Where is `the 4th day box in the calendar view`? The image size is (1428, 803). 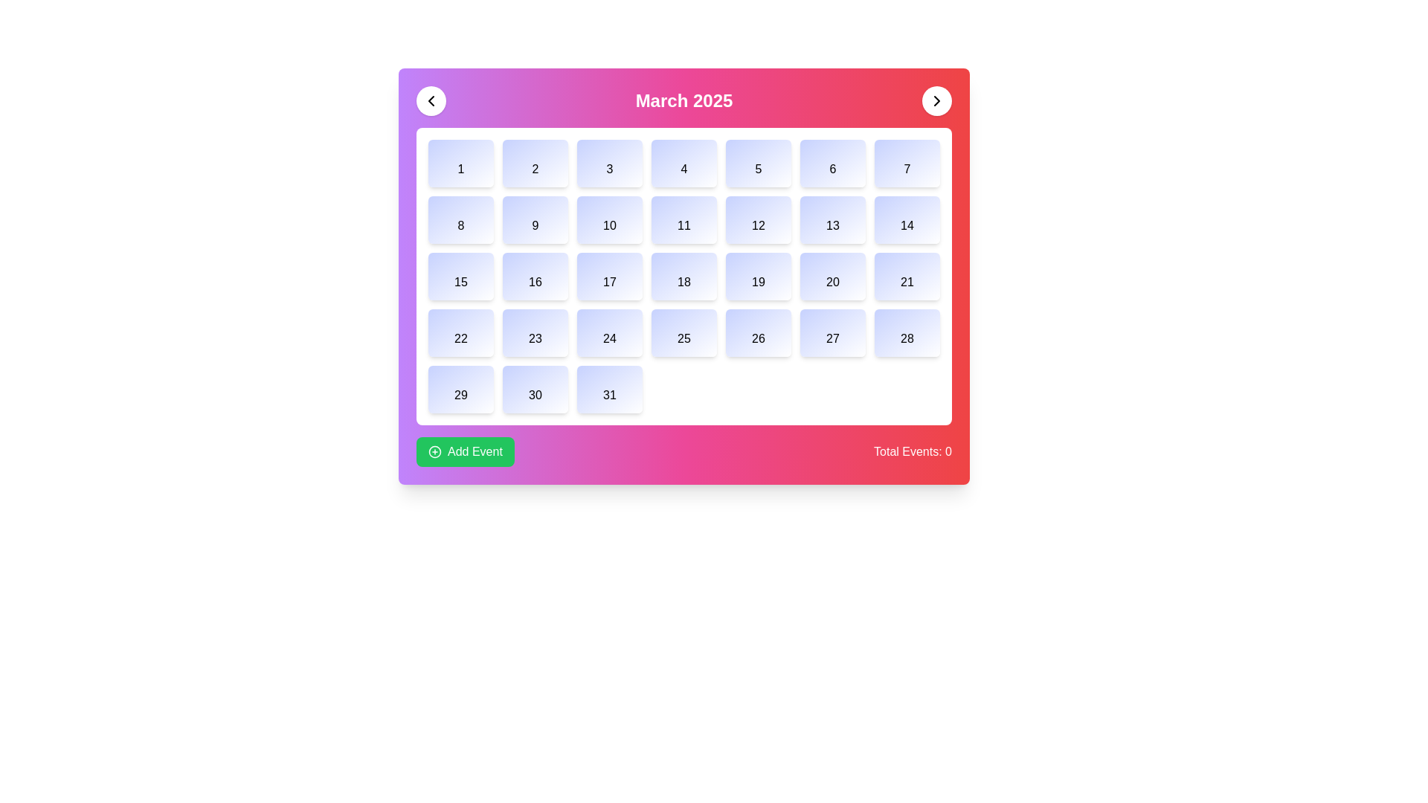 the 4th day box in the calendar view is located at coordinates (684, 163).